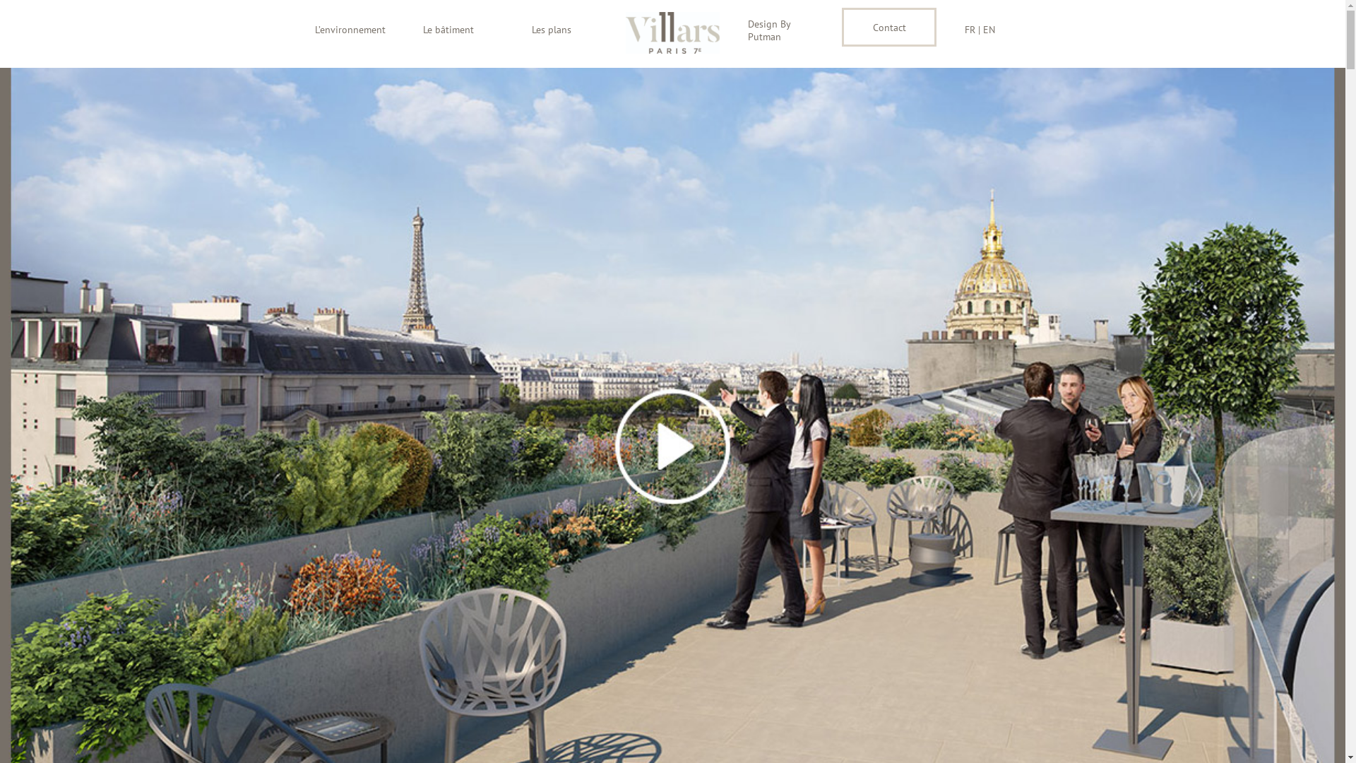 The width and height of the screenshot is (1356, 763). I want to click on 'FR | EN', so click(997, 30).